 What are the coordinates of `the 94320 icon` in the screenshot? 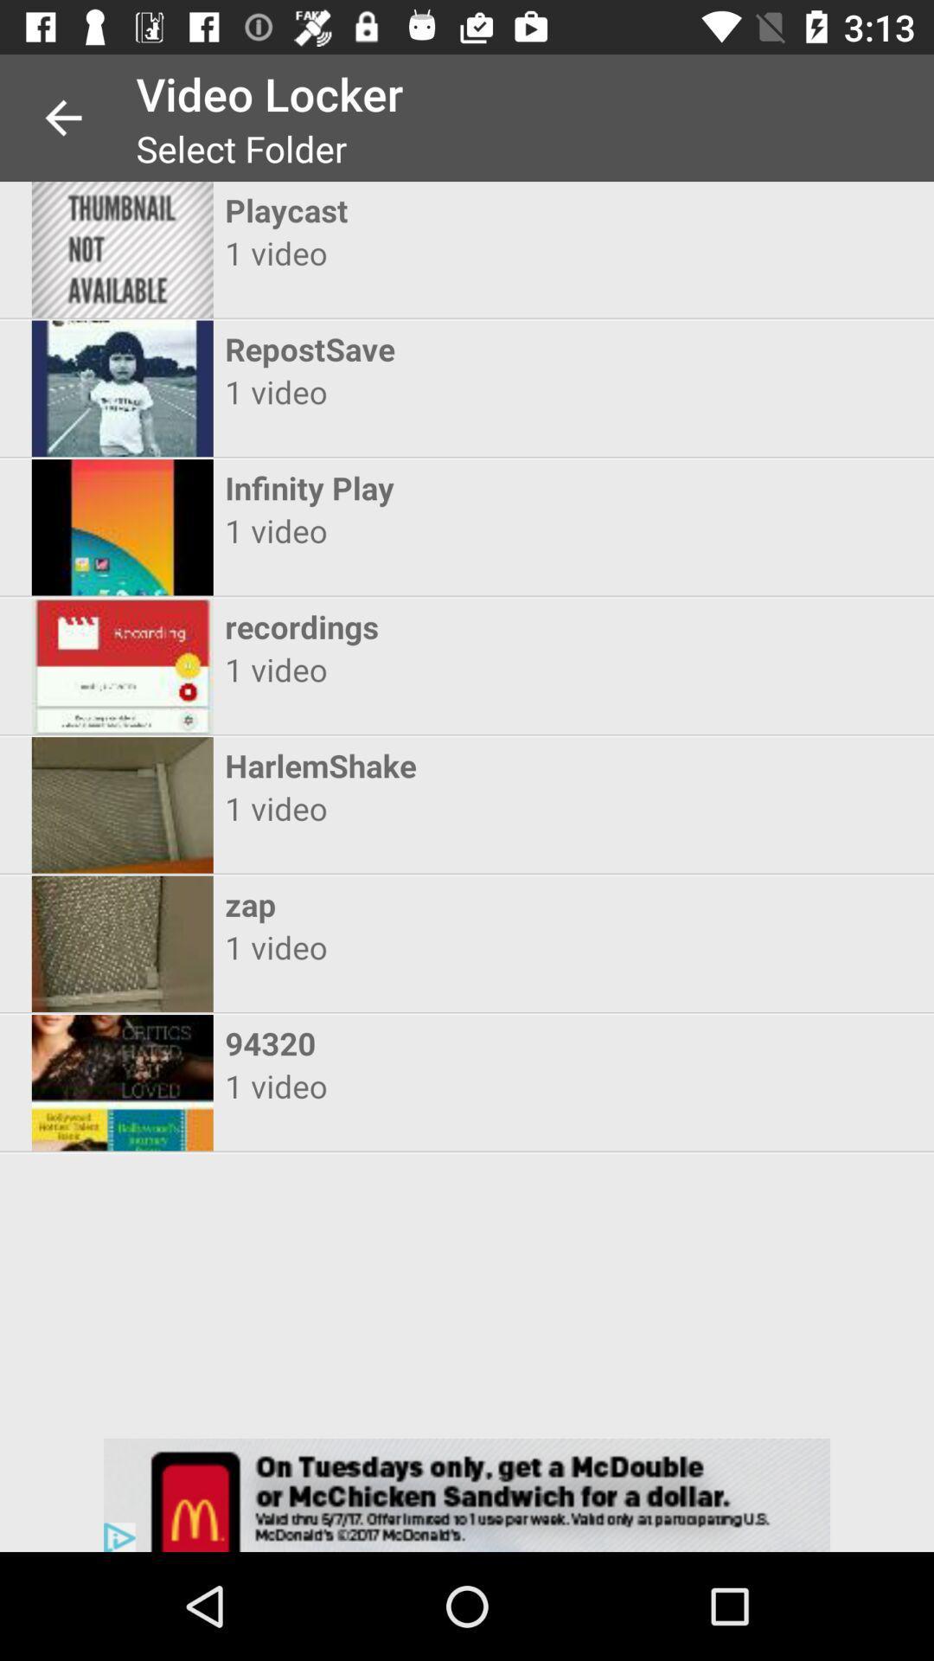 It's located at (451, 1042).